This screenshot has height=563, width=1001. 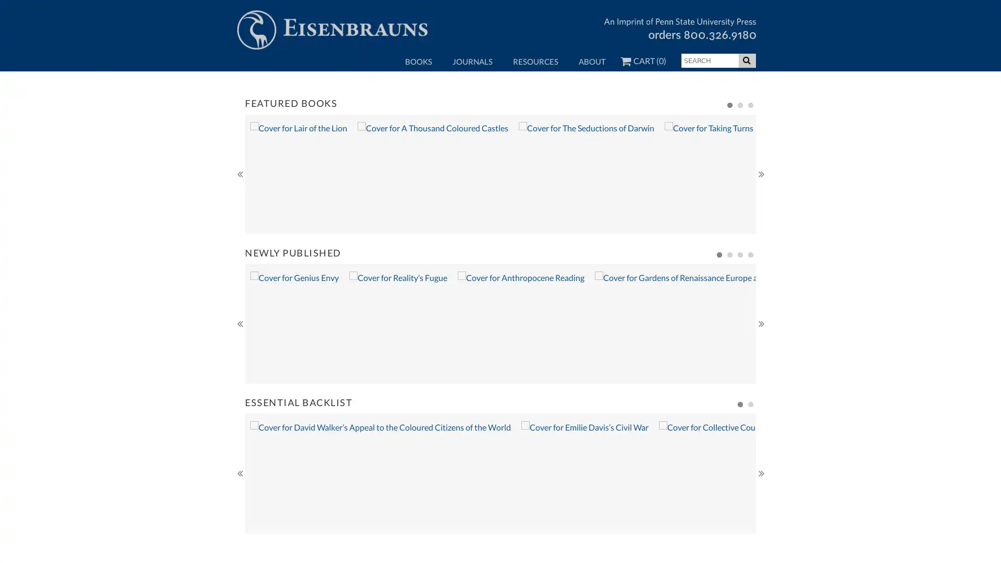 I want to click on Previous, so click(x=239, y=473).